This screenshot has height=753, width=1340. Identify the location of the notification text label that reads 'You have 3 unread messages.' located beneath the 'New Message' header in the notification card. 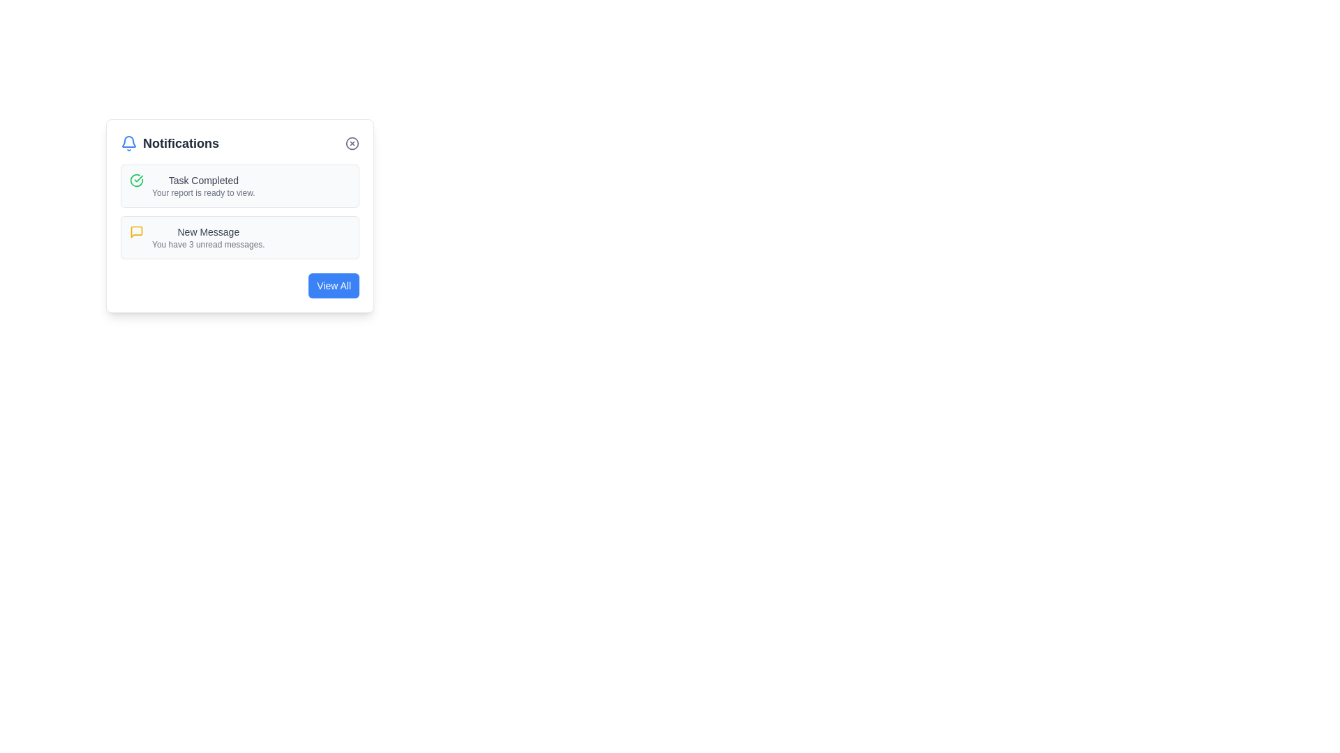
(207, 244).